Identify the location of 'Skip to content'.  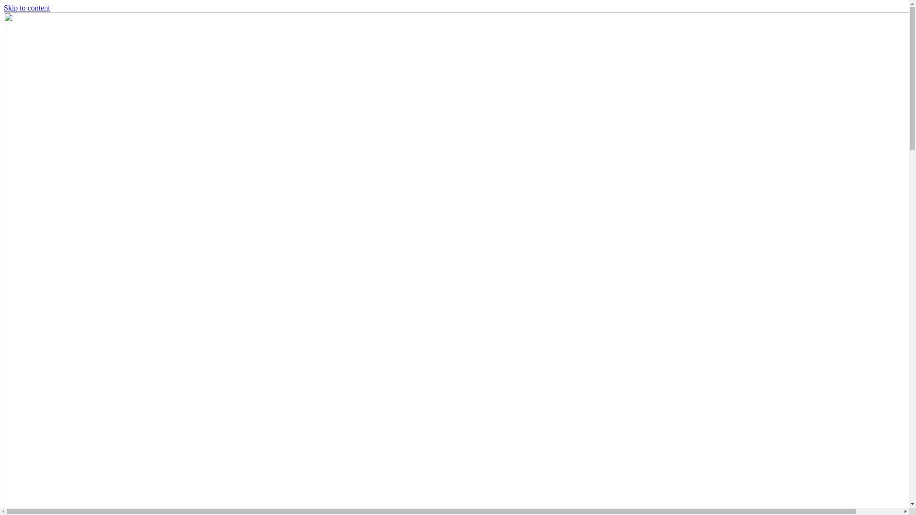
(4, 8).